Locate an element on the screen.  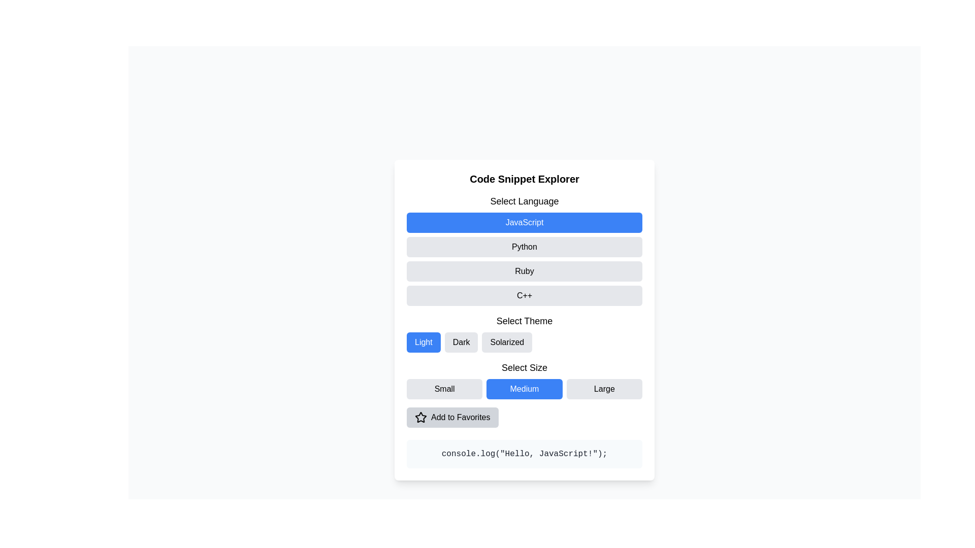
the medium-sized blue button labeled 'Medium' is located at coordinates (524, 389).